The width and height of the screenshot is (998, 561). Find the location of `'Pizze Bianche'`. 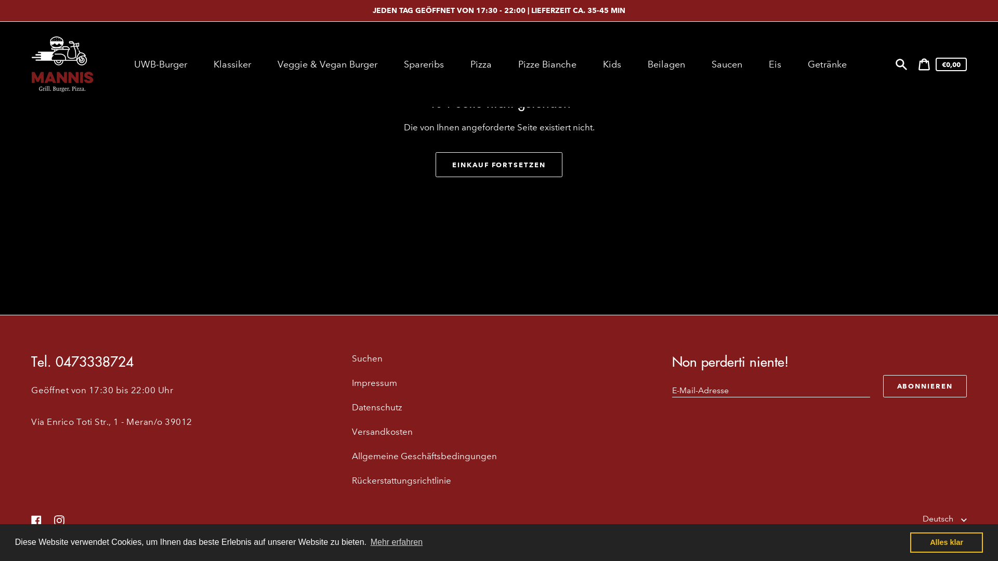

'Pizze Bianche' is located at coordinates (548, 64).